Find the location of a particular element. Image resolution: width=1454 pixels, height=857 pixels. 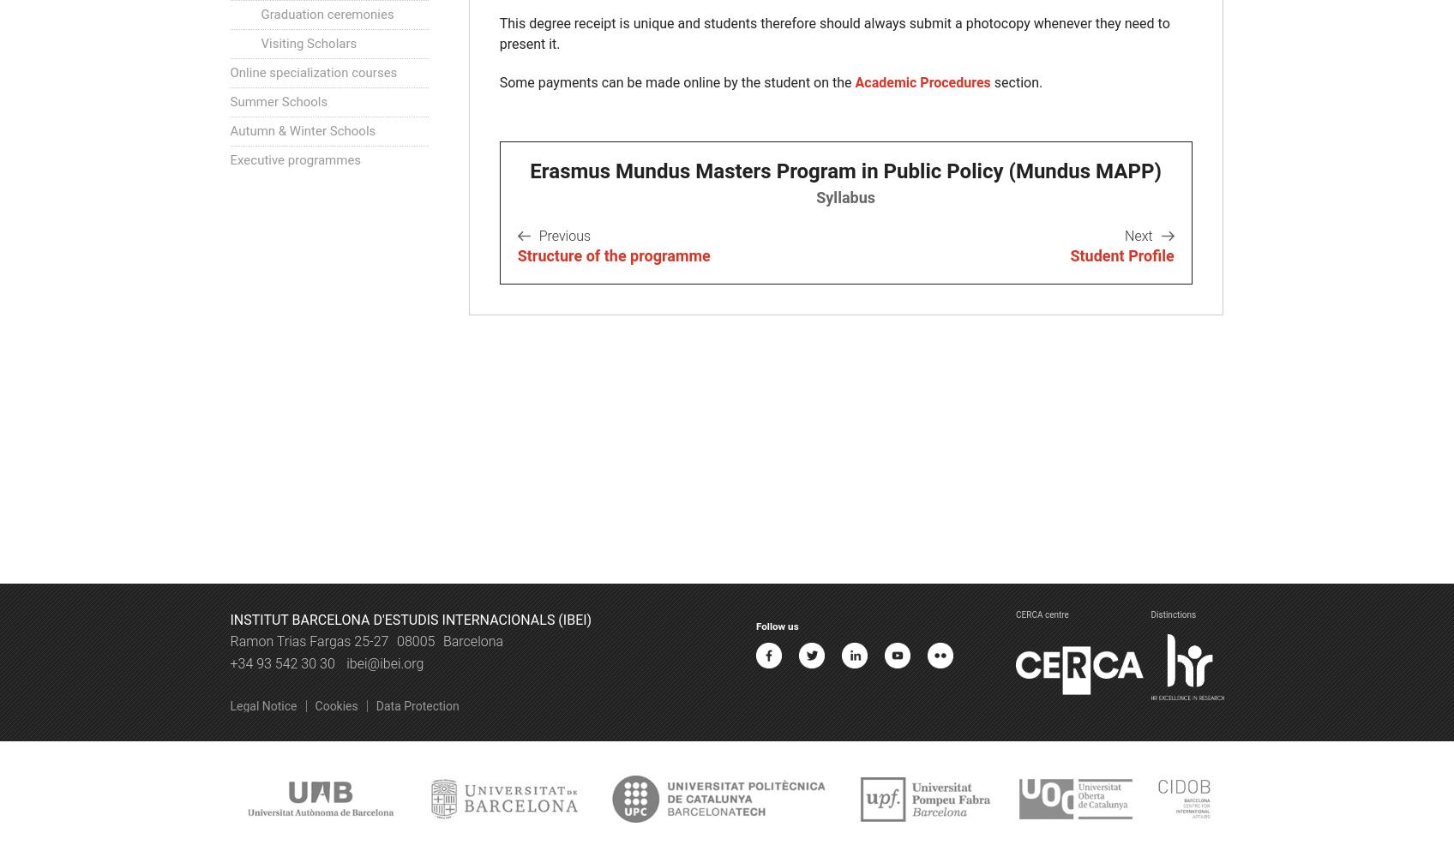

'Academic Procedures' is located at coordinates (855, 81).